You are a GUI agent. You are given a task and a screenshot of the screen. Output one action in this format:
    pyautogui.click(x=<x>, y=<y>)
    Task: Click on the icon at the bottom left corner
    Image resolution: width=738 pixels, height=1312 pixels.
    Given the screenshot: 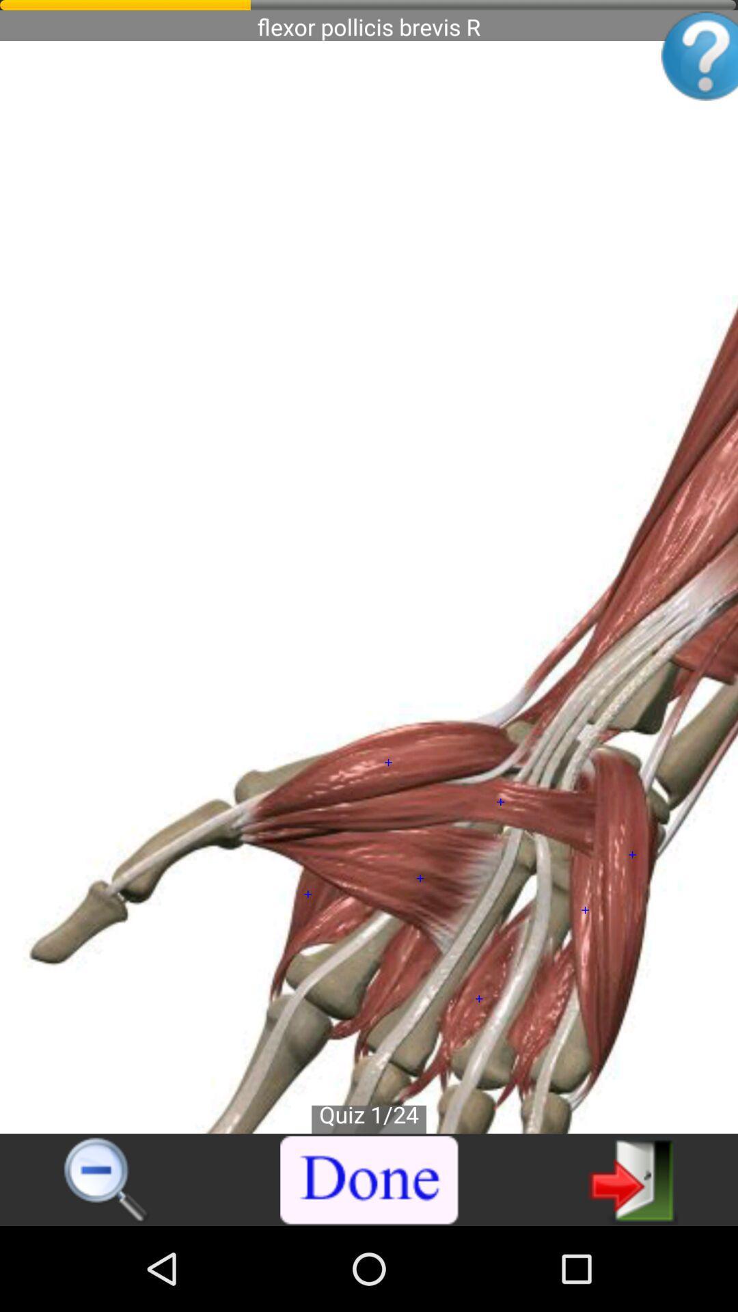 What is the action you would take?
    pyautogui.click(x=107, y=1180)
    